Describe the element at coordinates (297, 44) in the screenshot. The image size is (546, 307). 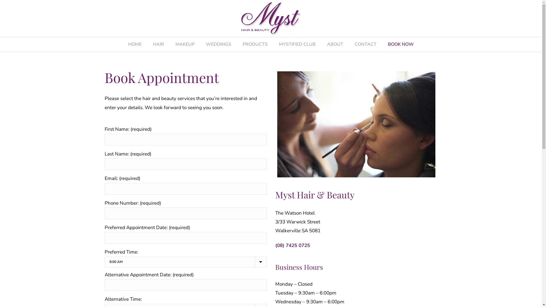
I see `'MYSTIFIED CLUB'` at that location.